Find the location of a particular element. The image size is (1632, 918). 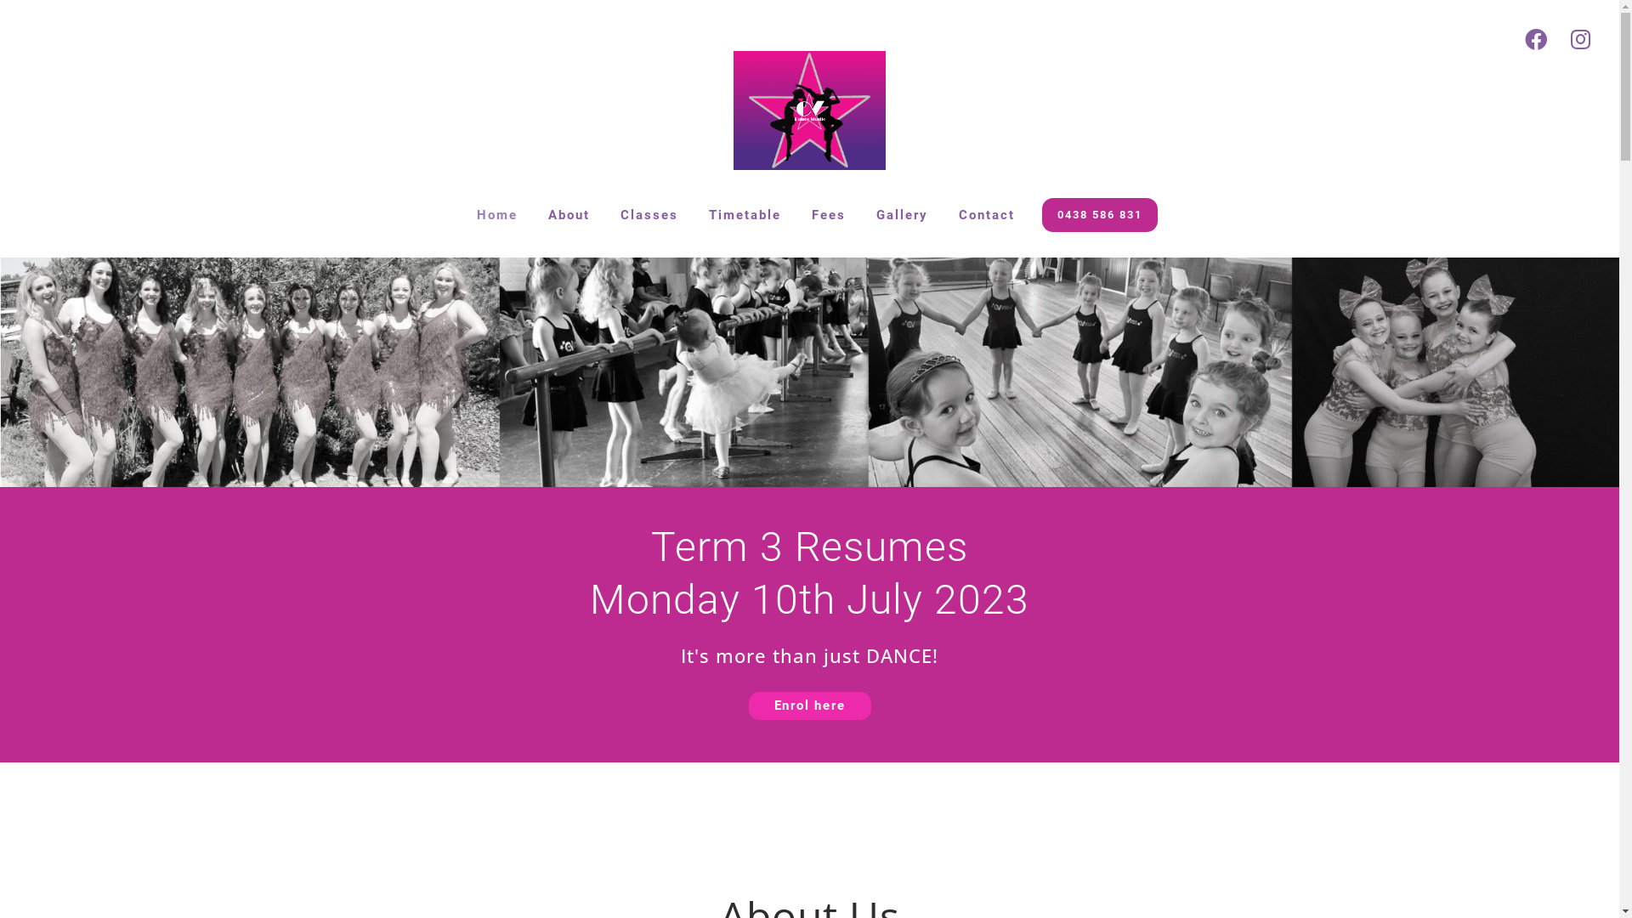

'Enrol here' is located at coordinates (807, 705).